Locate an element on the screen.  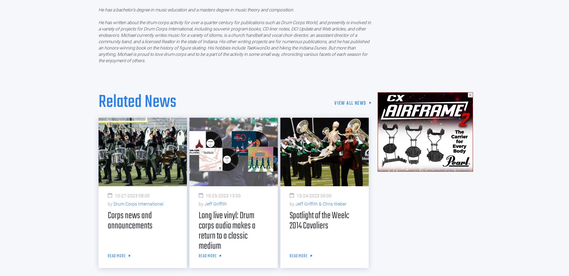
'10-24-2023 09:00' is located at coordinates (314, 195).